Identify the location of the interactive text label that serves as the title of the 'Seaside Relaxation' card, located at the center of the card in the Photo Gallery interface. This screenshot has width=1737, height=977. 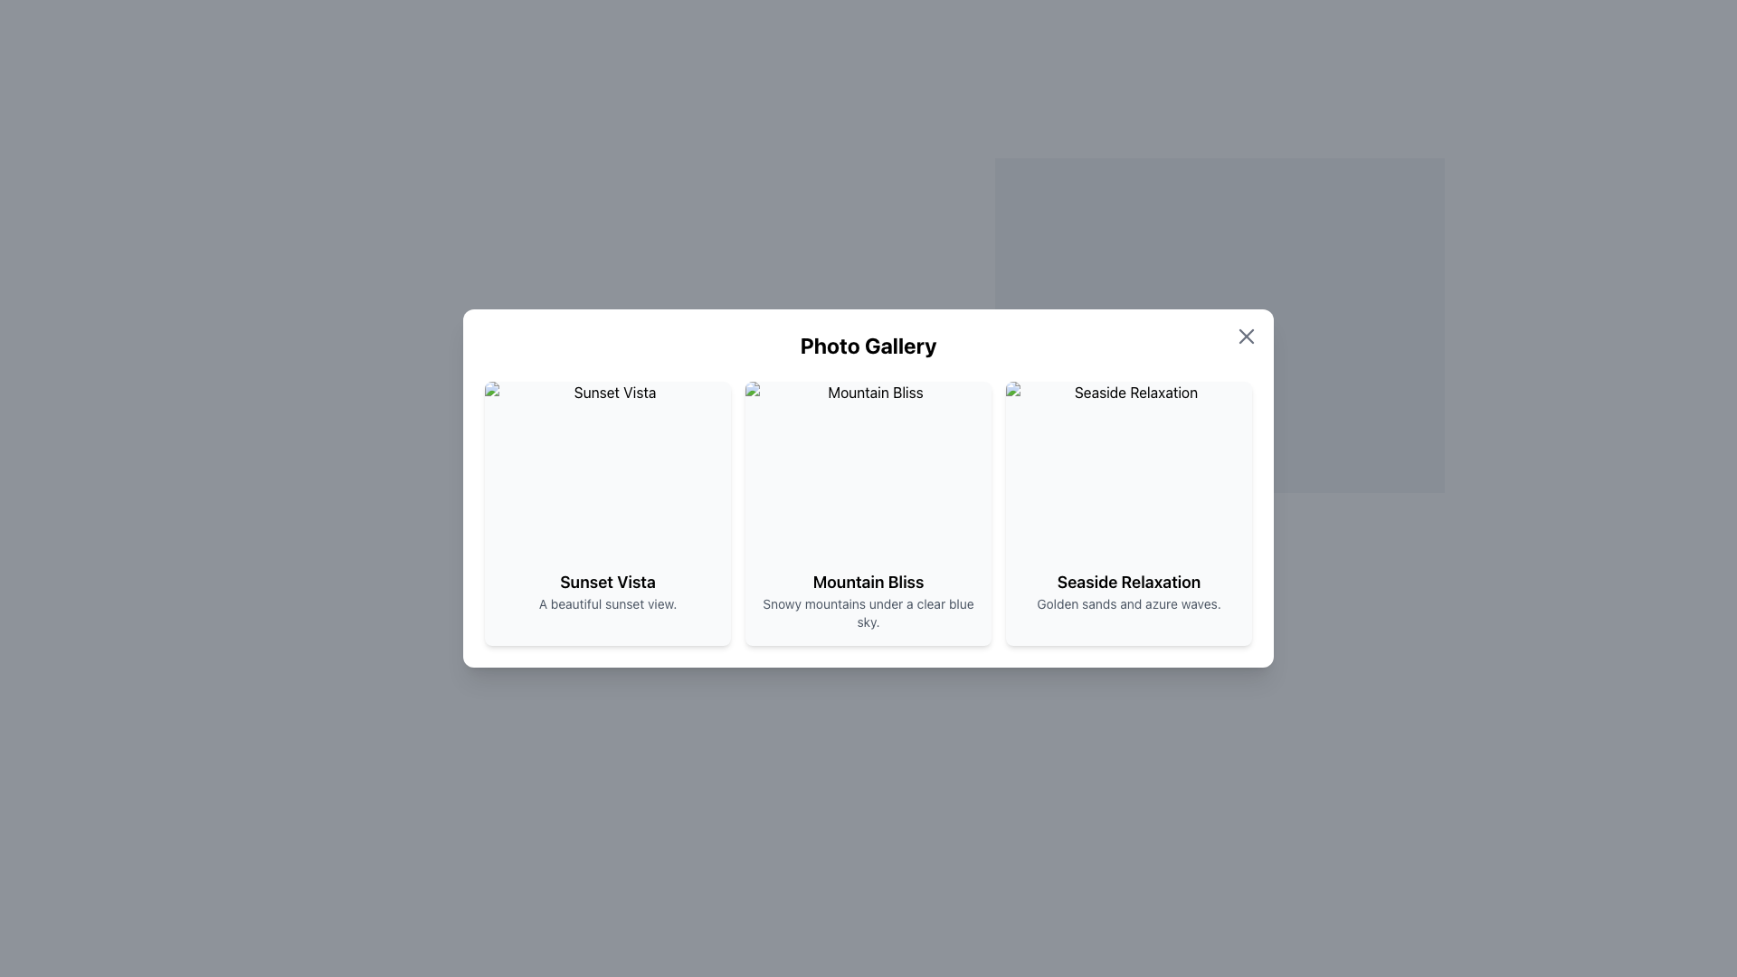
(1128, 583).